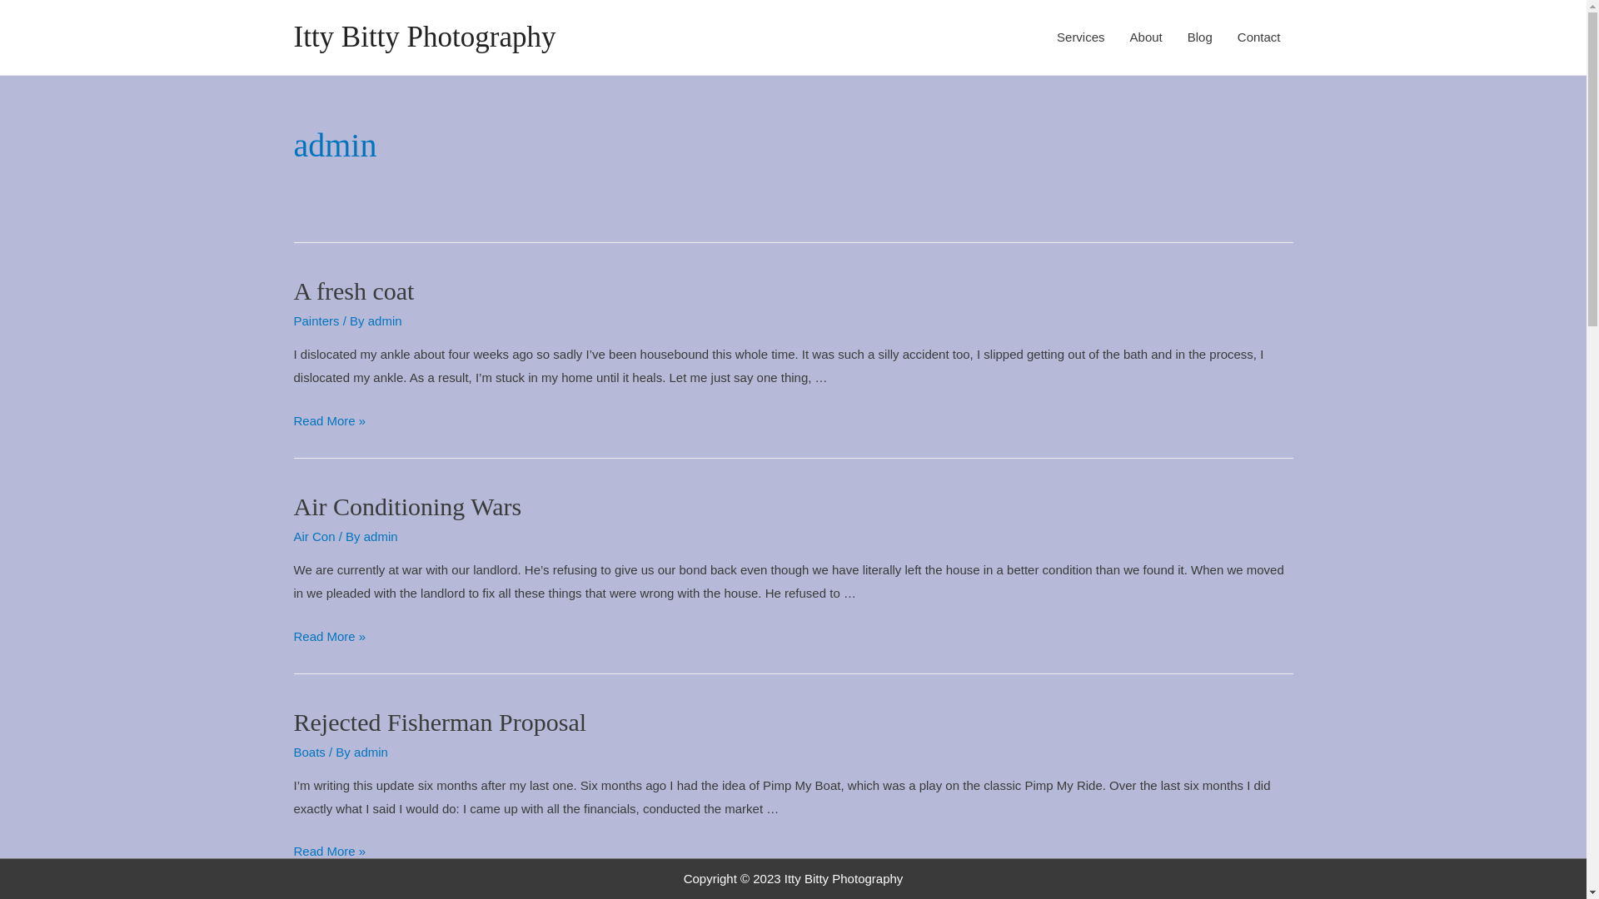 The image size is (1599, 899). What do you see at coordinates (314, 536) in the screenshot?
I see `'Air Con'` at bounding box center [314, 536].